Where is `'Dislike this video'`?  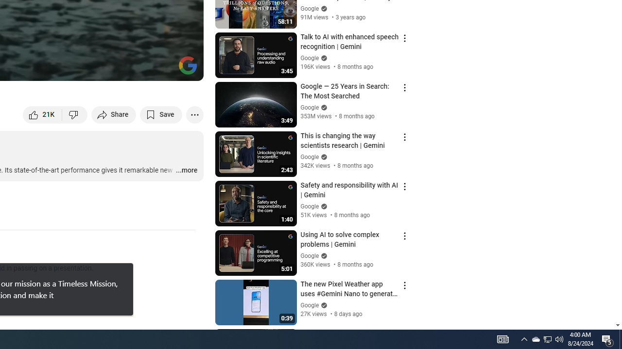 'Dislike this video' is located at coordinates (74, 114).